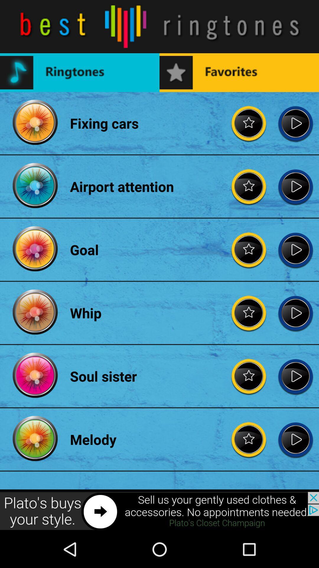 Image resolution: width=319 pixels, height=568 pixels. What do you see at coordinates (295, 186) in the screenshot?
I see `switch autoplay option` at bounding box center [295, 186].